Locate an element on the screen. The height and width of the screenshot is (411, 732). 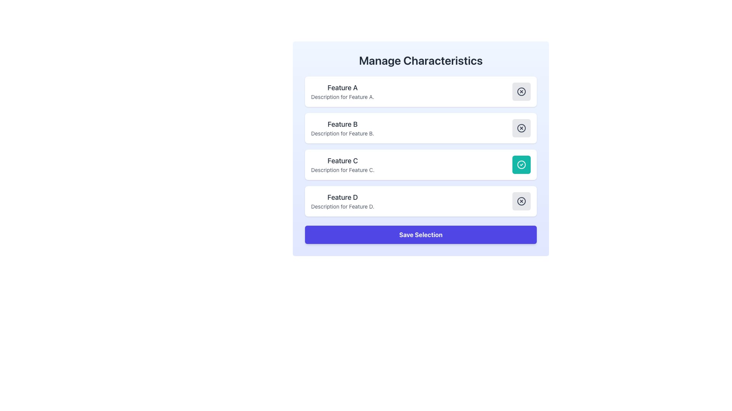
the selectable row containing 'Feature B' and its description for context menu options is located at coordinates (421, 127).